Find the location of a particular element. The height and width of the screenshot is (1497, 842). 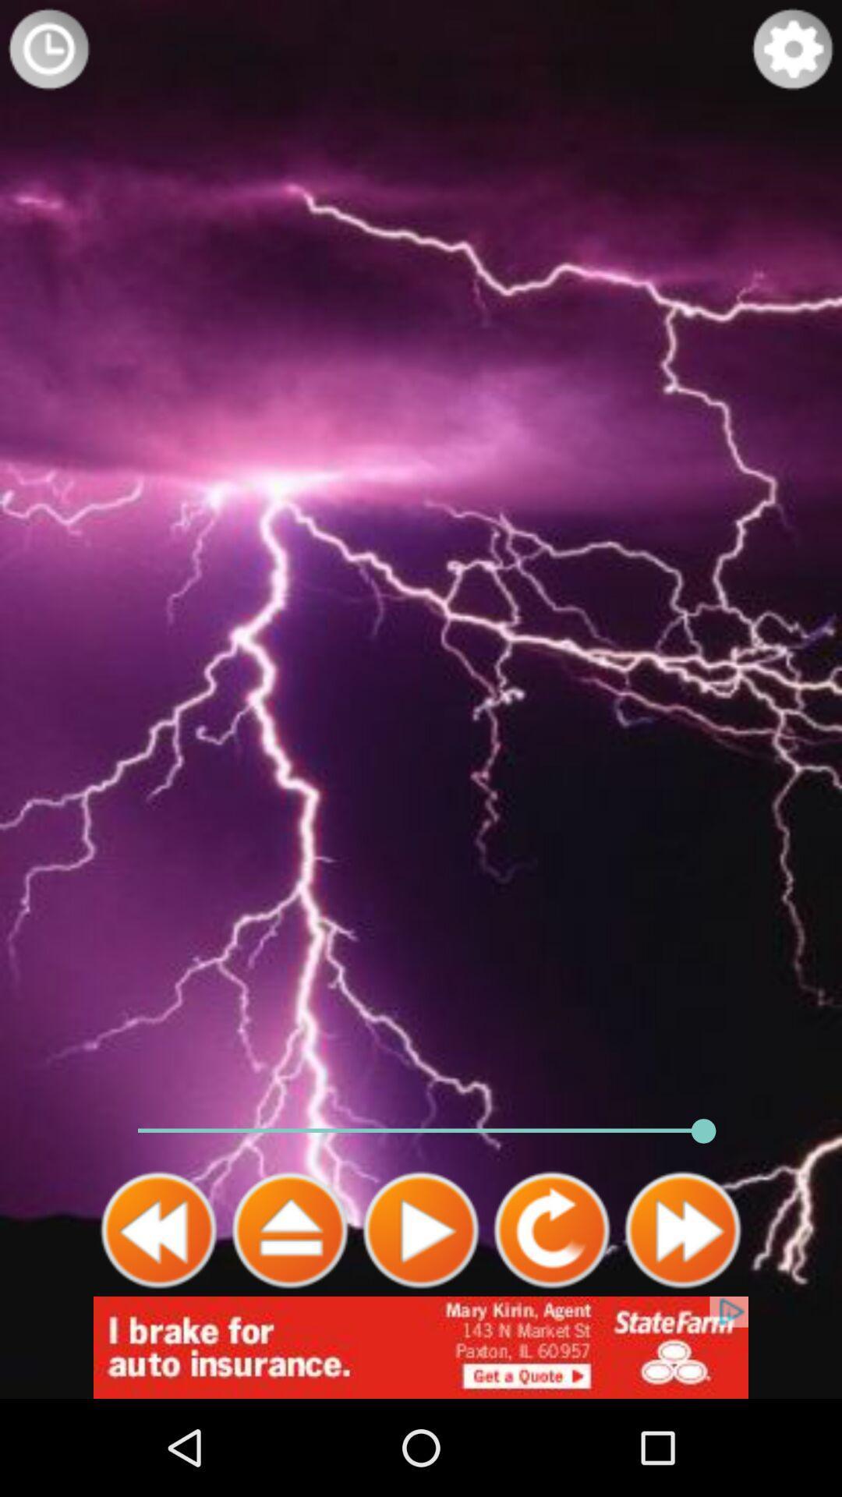

the av_forward icon is located at coordinates (681, 1316).